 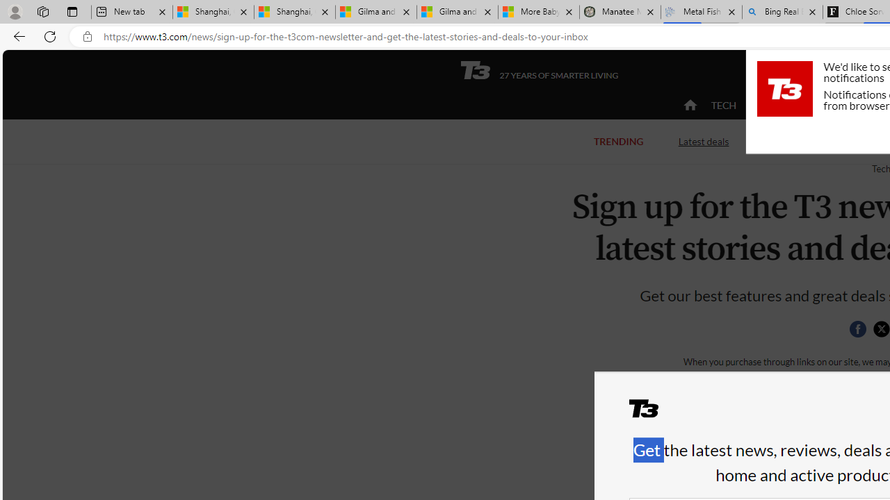 What do you see at coordinates (782, 104) in the screenshot?
I see `'ACTIVE'` at bounding box center [782, 104].